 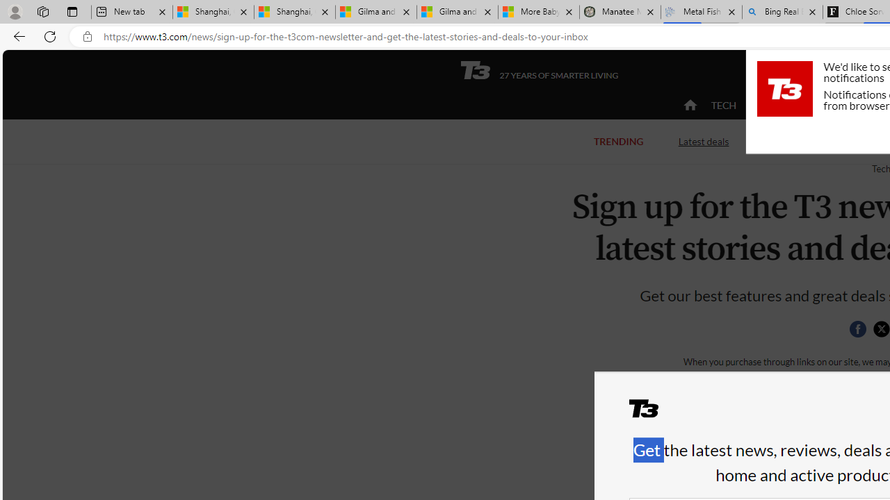 What do you see at coordinates (782, 104) in the screenshot?
I see `'ACTIVE'` at bounding box center [782, 104].